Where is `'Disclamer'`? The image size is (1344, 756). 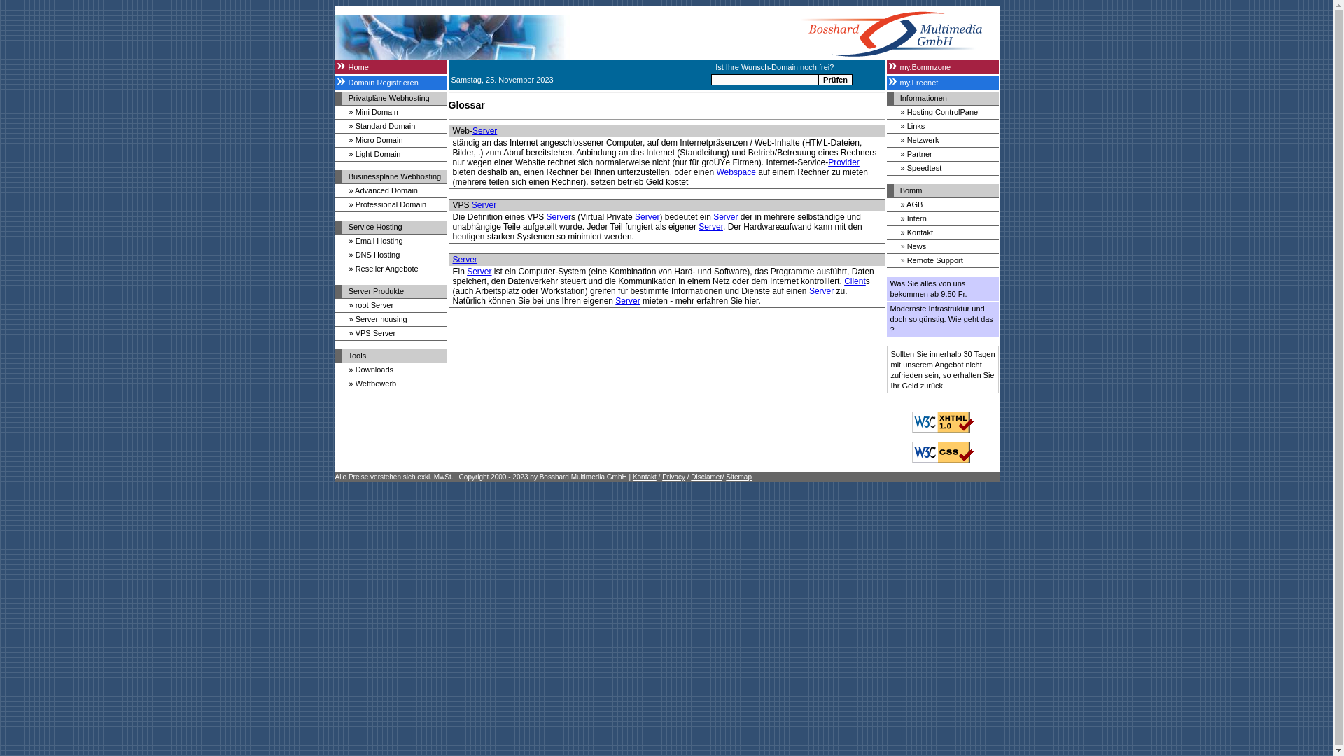
'Disclamer' is located at coordinates (691, 476).